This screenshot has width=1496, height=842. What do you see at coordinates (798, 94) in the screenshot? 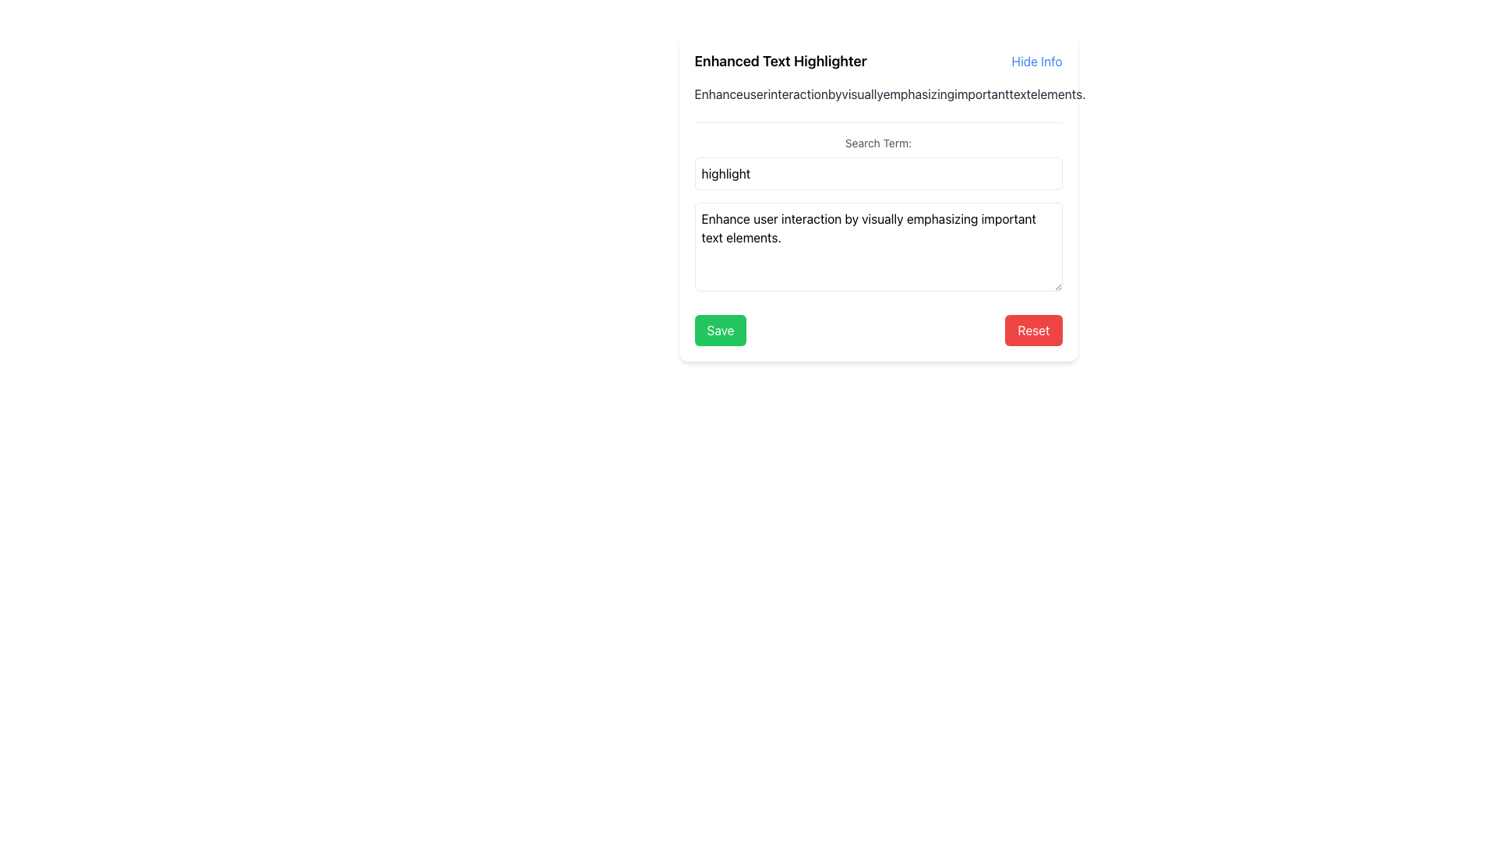
I see `the text element 'interaction' which is highlighted with a yellow background, located between 'user' and 'by' at the top center of the interface` at bounding box center [798, 94].